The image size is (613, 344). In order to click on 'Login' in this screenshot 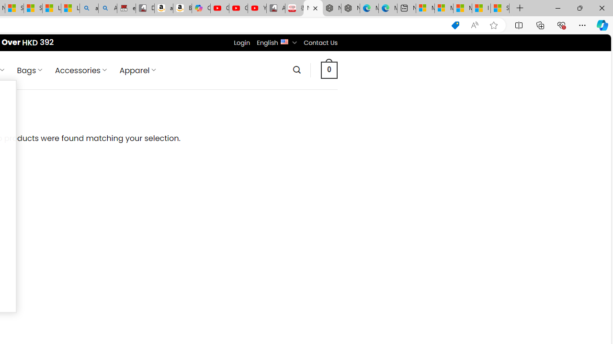, I will do `click(242, 42)`.